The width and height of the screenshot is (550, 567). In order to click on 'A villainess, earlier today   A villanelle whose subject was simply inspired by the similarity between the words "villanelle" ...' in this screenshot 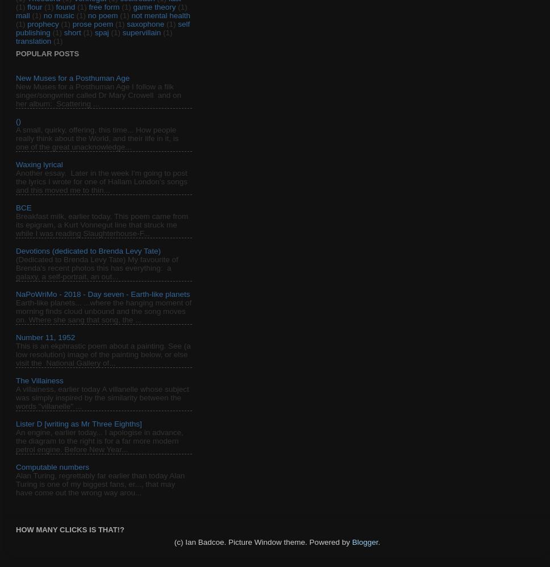, I will do `click(102, 397)`.